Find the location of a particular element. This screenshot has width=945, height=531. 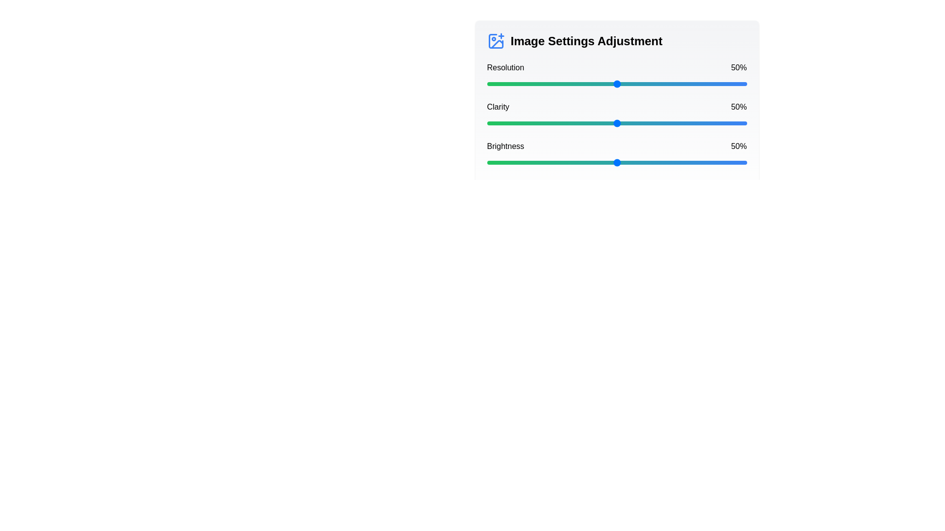

the 'Apply Changes' button to confirm the settings is located at coordinates (708, 189).